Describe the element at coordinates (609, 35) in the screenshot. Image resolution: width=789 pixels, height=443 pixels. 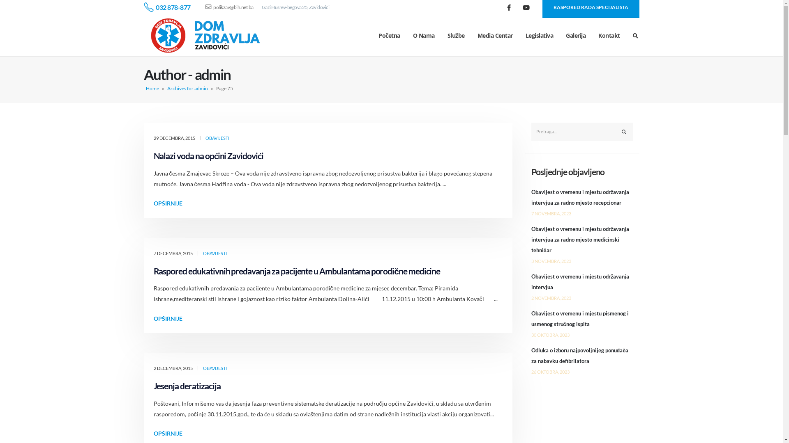
I see `'Kontakt'` at that location.